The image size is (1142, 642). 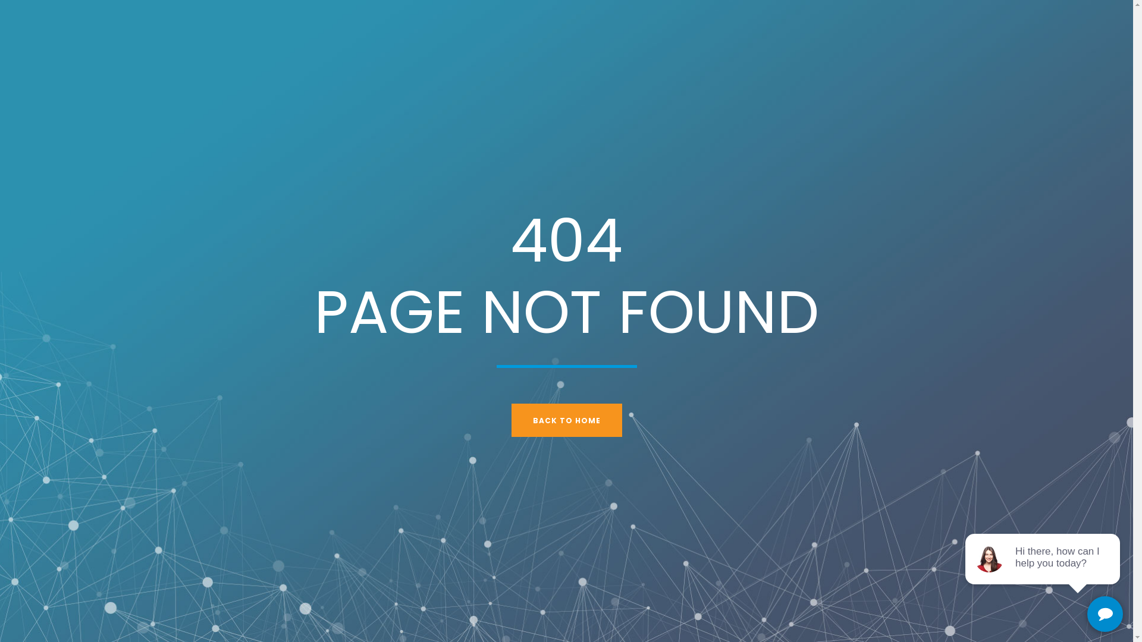 What do you see at coordinates (566, 419) in the screenshot?
I see `'BACK TO HOME'` at bounding box center [566, 419].